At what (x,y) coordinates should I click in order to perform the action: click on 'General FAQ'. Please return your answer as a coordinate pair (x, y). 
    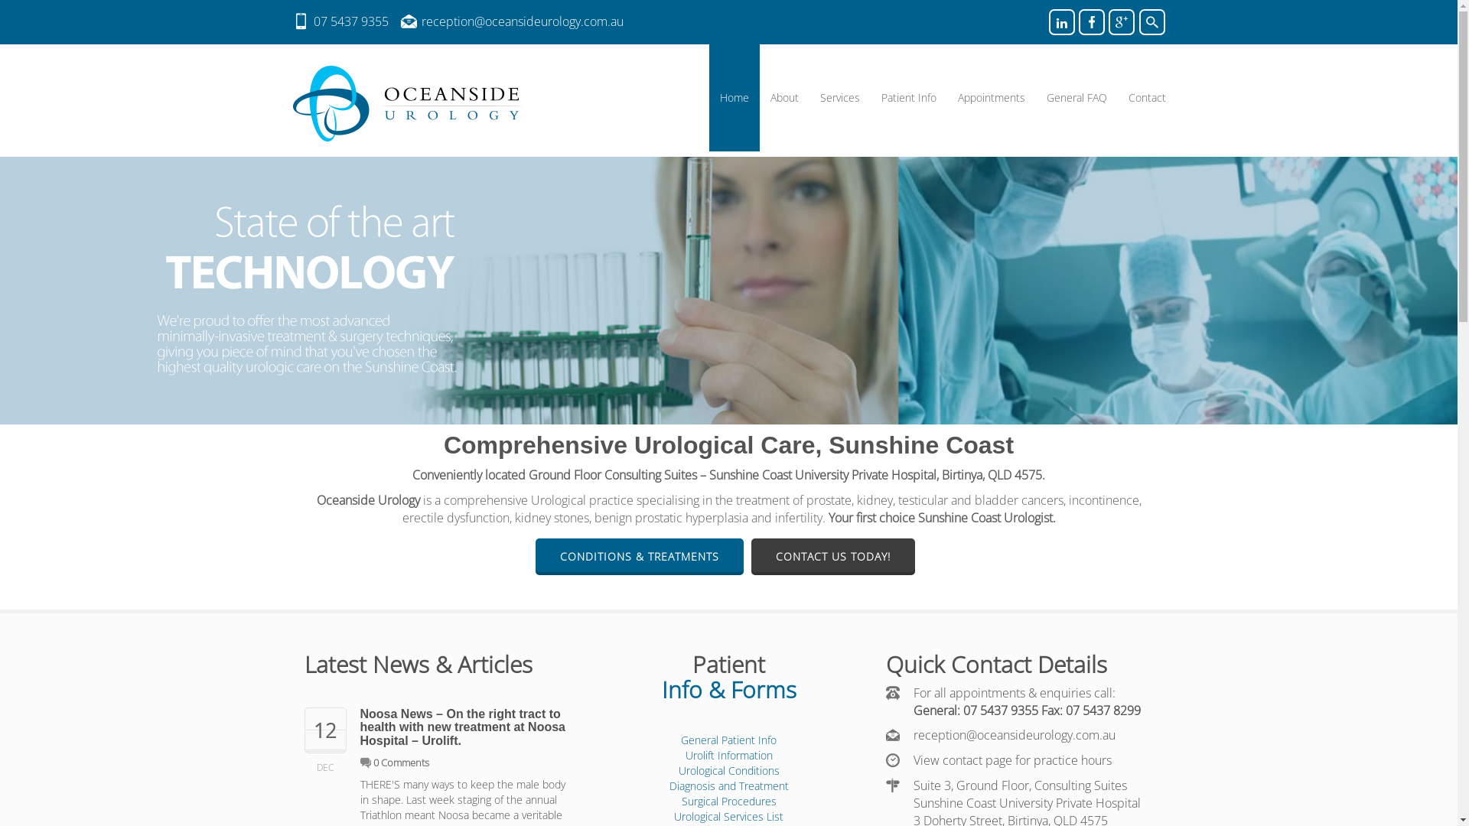
    Looking at the image, I should click on (1035, 97).